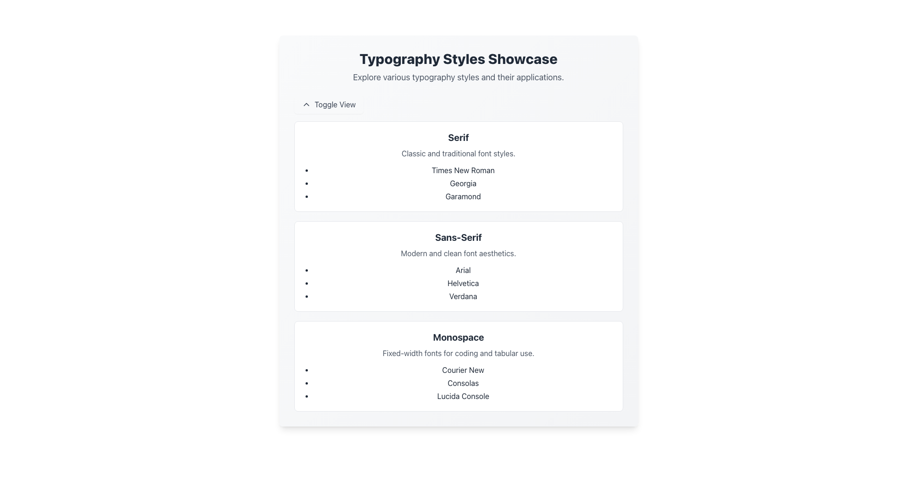 The width and height of the screenshot is (897, 504). What do you see at coordinates (458, 153) in the screenshot?
I see `the descriptive text located beneath the 'Serif' heading, which provides insights about the characteristics of the 'Serif' font style` at bounding box center [458, 153].